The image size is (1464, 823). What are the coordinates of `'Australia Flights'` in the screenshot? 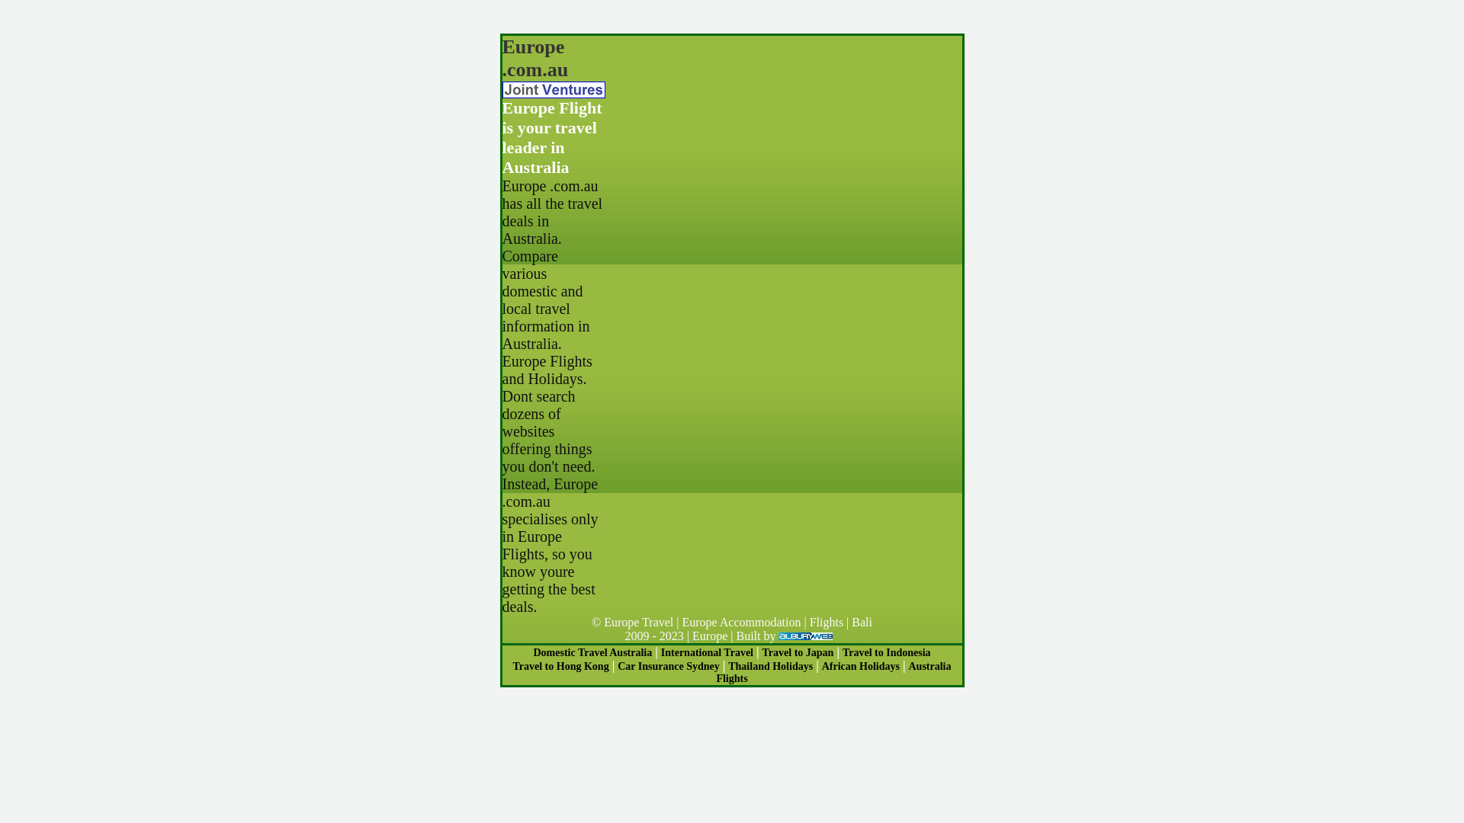 It's located at (715, 671).